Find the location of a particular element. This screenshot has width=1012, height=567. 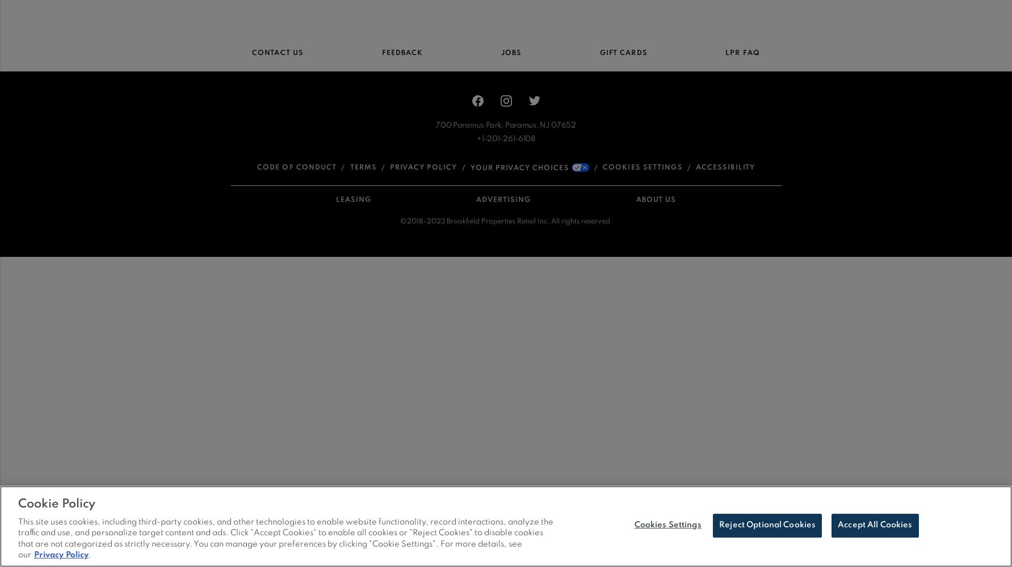

'©2018-2023 Brookfield Properties Retail Inc. All rights reserved.' is located at coordinates (505, 221).